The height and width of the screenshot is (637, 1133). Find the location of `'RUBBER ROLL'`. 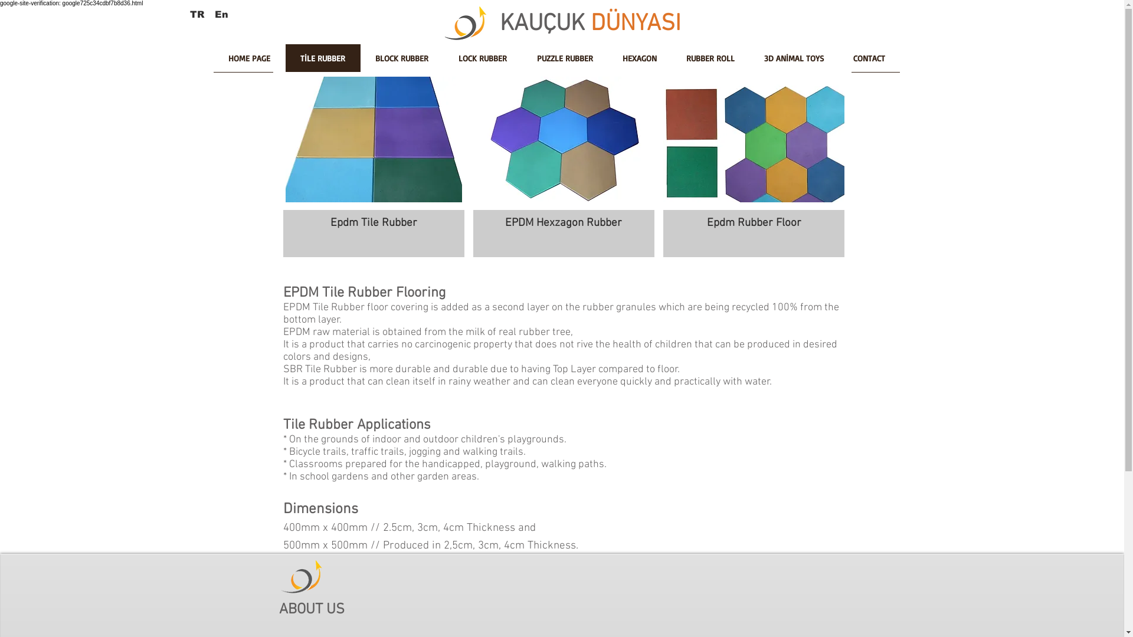

'RUBBER ROLL' is located at coordinates (710, 61).